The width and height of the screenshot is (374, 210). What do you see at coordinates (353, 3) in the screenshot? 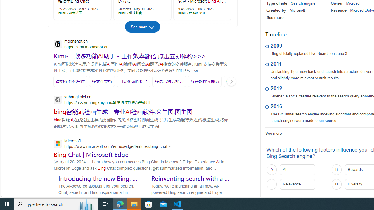
I see `'Microsoft'` at bounding box center [353, 3].